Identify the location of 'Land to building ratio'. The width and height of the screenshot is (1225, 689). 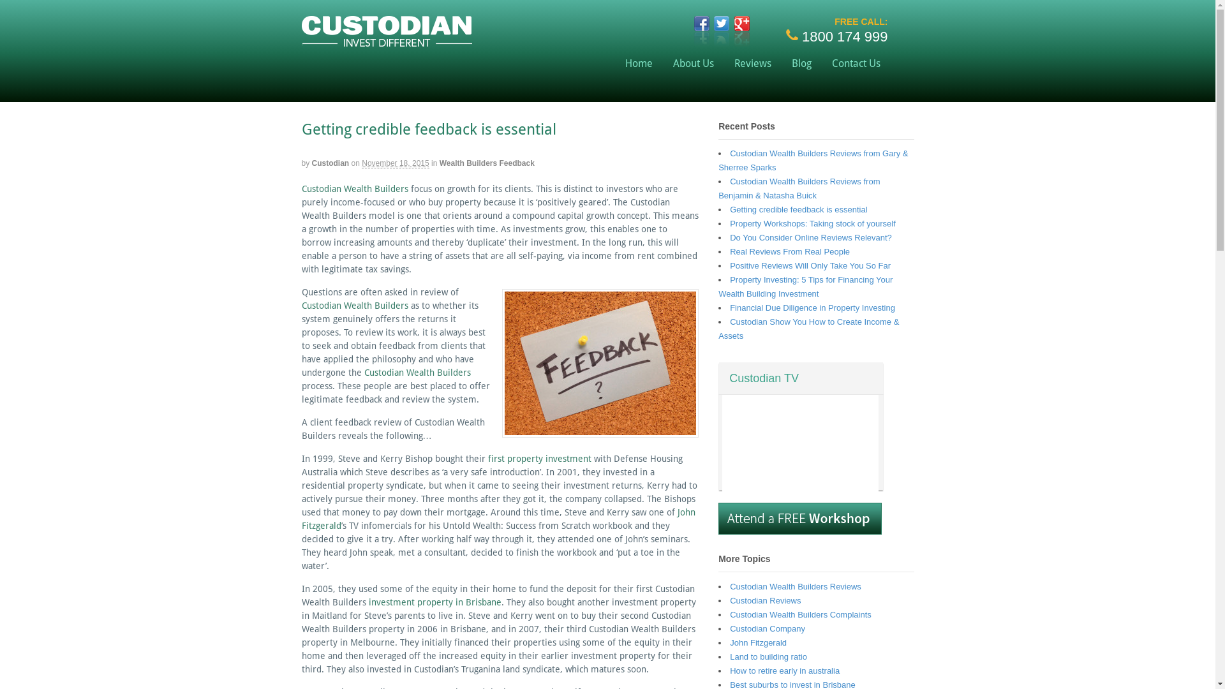
(768, 656).